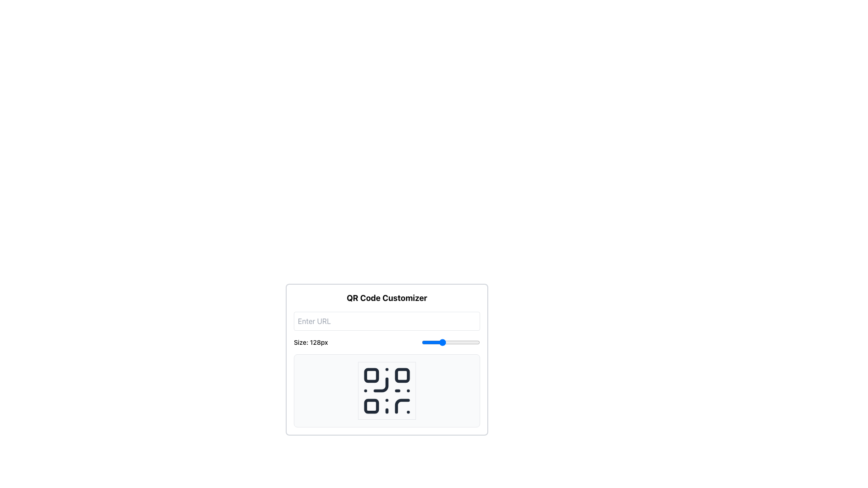 Image resolution: width=868 pixels, height=488 pixels. Describe the element at coordinates (459, 343) in the screenshot. I see `the size` at that location.